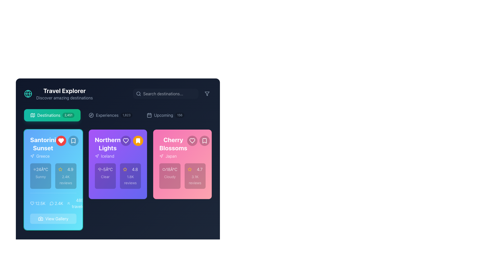 Image resolution: width=491 pixels, height=276 pixels. I want to click on the star icon that is part of the rating display for 'Santorini Sunset', which is located adjacent to the score '4.9', so click(60, 169).